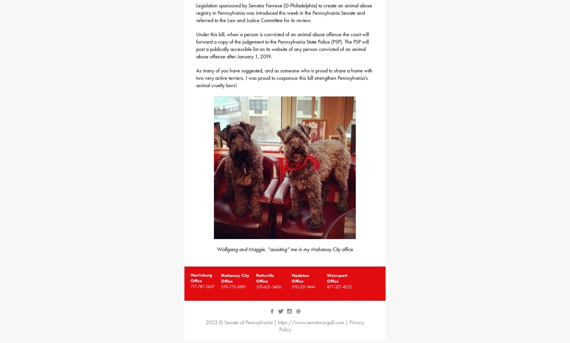  What do you see at coordinates (242, 322) in the screenshot?
I see `'2023 © Senate of Pennsylvania |'` at bounding box center [242, 322].